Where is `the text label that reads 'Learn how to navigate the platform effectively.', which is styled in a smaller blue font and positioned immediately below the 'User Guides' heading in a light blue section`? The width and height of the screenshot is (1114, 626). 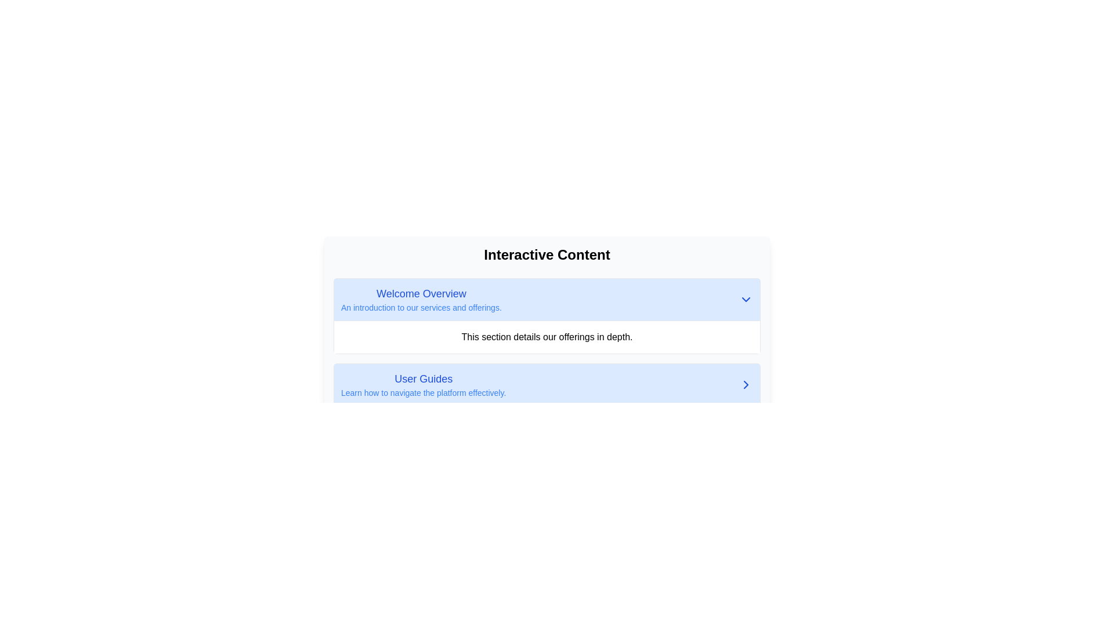
the text label that reads 'Learn how to navigate the platform effectively.', which is styled in a smaller blue font and positioned immediately below the 'User Guides' heading in a light blue section is located at coordinates (423, 392).